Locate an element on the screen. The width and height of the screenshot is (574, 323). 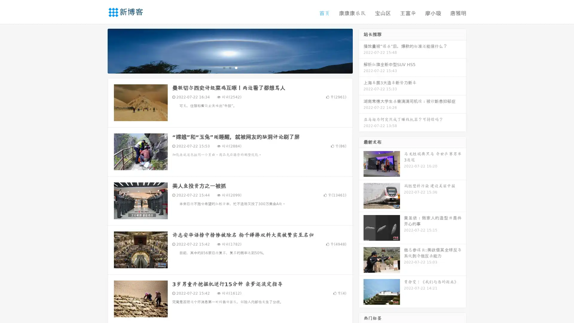
Go to slide 1 is located at coordinates (224, 67).